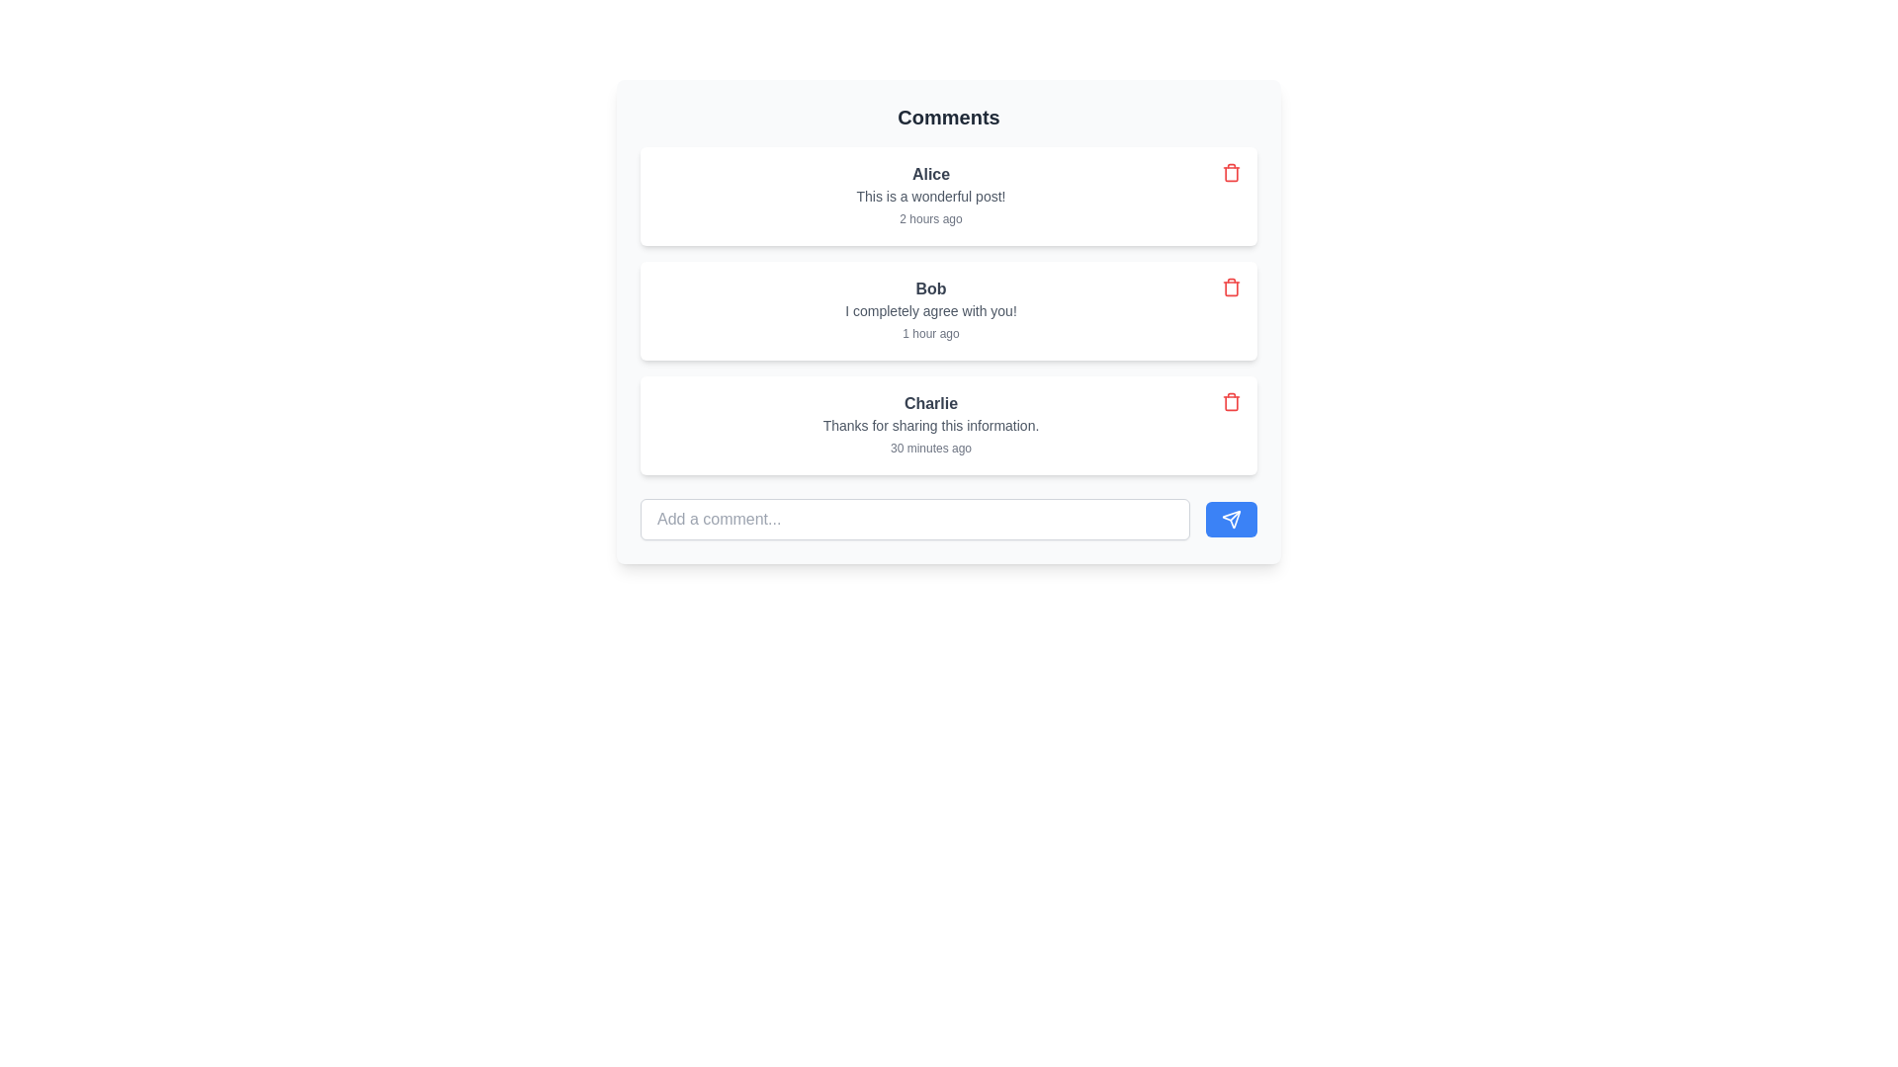 Image resolution: width=1898 pixels, height=1067 pixels. Describe the element at coordinates (929, 449) in the screenshot. I see `the text element displaying '30 minutes ago', which is styled in a small gray font and located in the third comment box below the user named 'Charlie'` at that location.